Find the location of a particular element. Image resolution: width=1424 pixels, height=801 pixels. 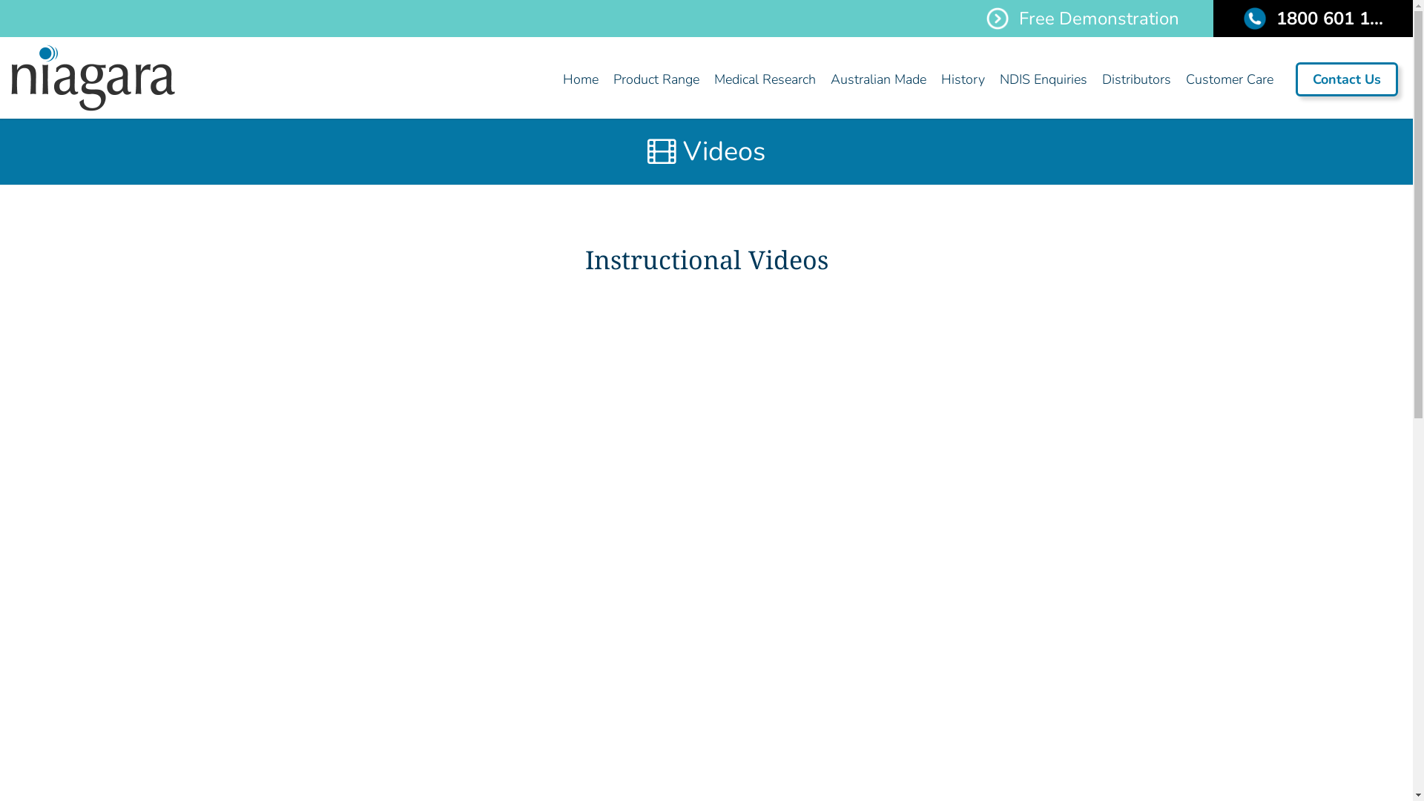

'Customer Care' is located at coordinates (1177, 79).